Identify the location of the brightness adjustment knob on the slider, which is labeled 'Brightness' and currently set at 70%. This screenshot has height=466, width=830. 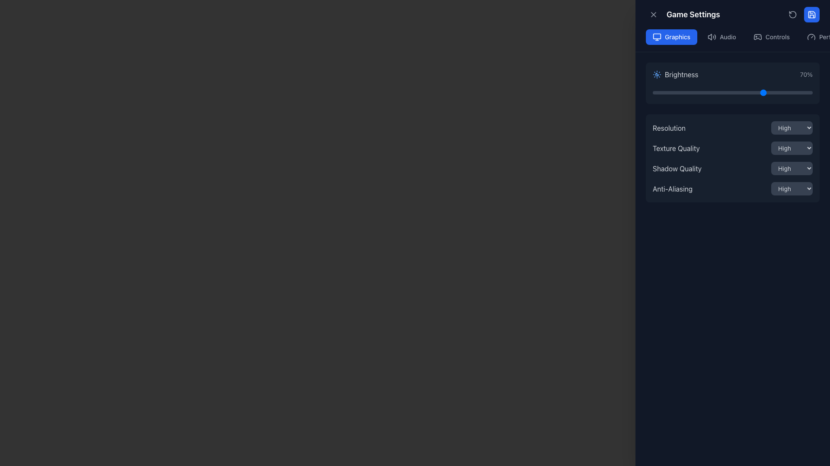
(732, 83).